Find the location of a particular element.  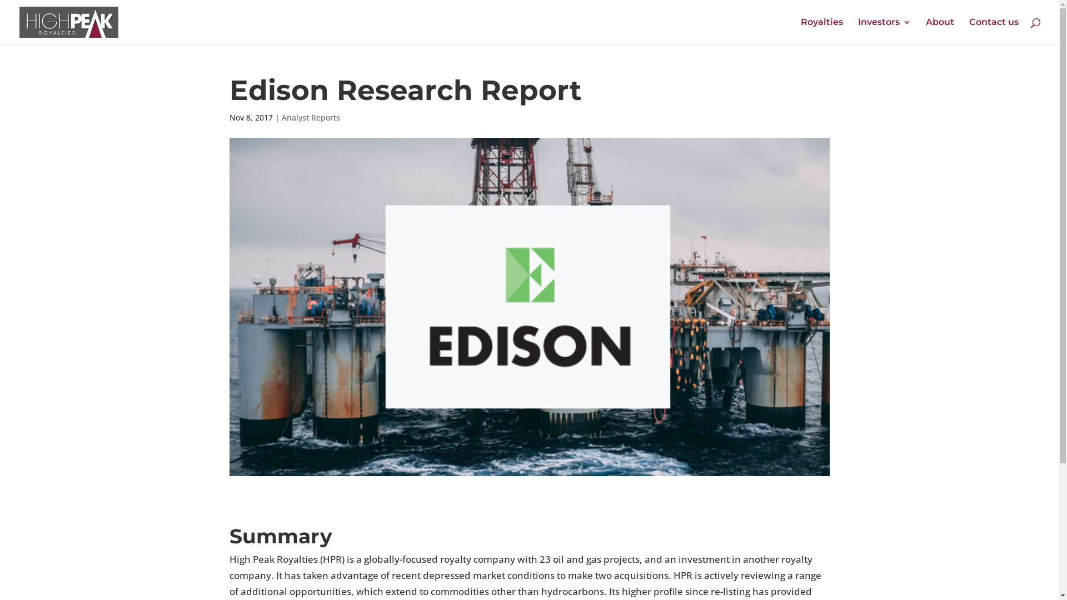

'Analyst Reports' is located at coordinates (310, 117).